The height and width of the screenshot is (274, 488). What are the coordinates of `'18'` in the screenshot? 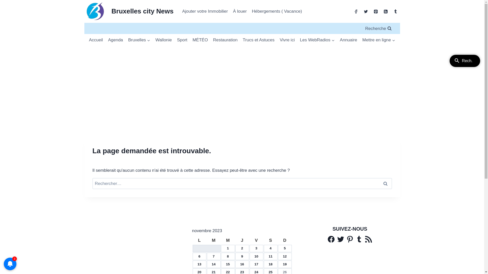 It's located at (270, 264).